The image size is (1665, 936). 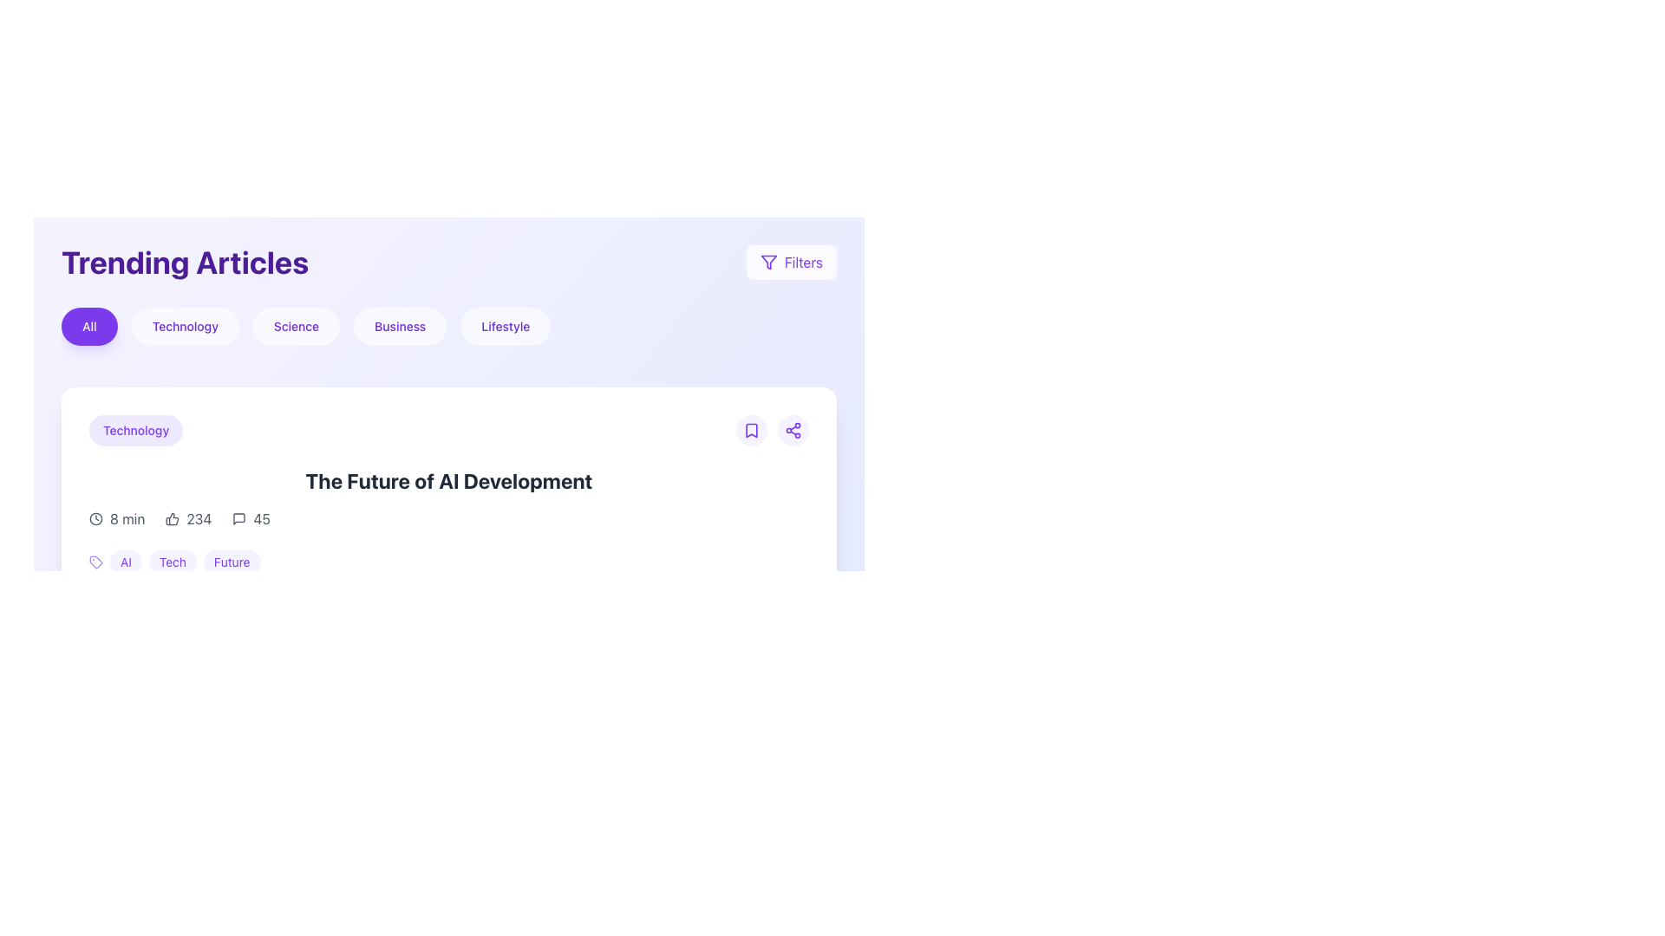 What do you see at coordinates (185, 562) in the screenshot?
I see `the 'Tech' tag located` at bounding box center [185, 562].